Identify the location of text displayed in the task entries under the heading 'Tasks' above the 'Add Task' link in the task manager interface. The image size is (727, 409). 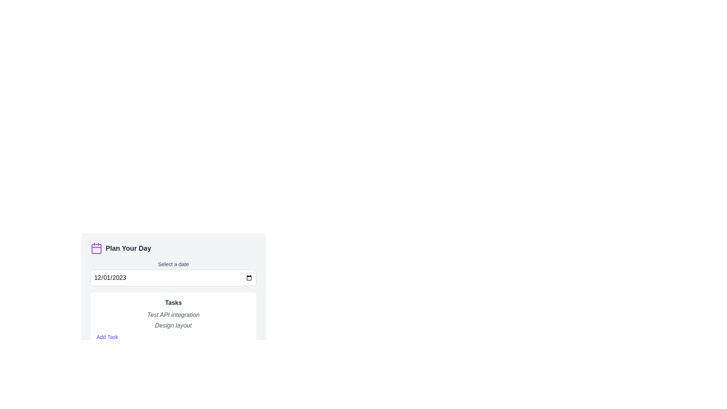
(173, 320).